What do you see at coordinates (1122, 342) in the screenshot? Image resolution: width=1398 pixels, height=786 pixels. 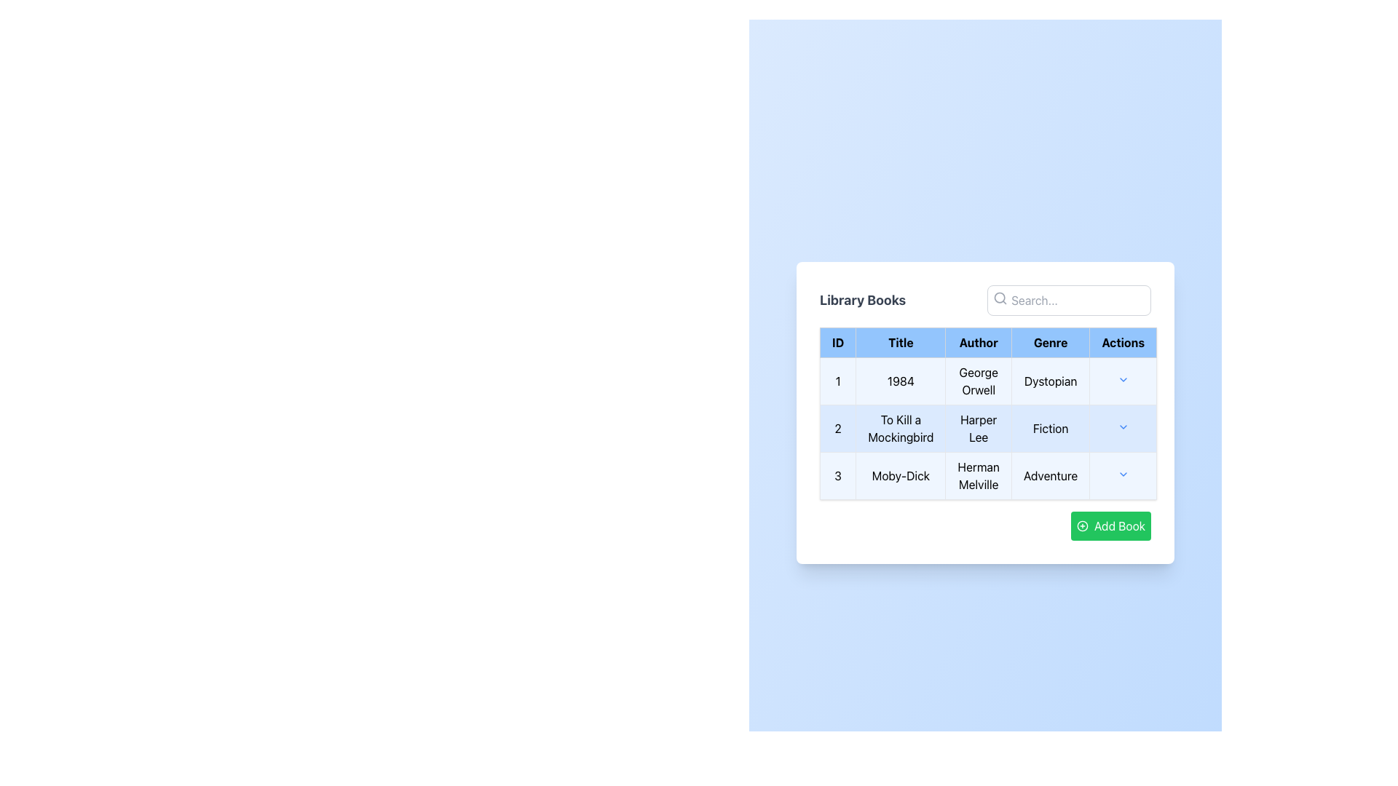 I see `the 'Actions' table header, which is the rightmost column header in a table with a light blue background and bold text` at bounding box center [1122, 342].